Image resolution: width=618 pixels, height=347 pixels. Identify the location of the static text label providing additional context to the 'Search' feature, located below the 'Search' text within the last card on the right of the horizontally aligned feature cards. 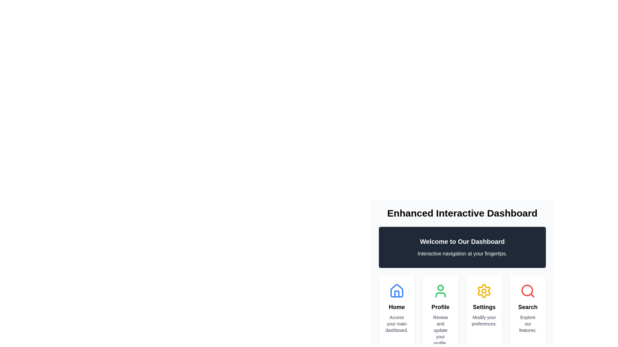
(528, 324).